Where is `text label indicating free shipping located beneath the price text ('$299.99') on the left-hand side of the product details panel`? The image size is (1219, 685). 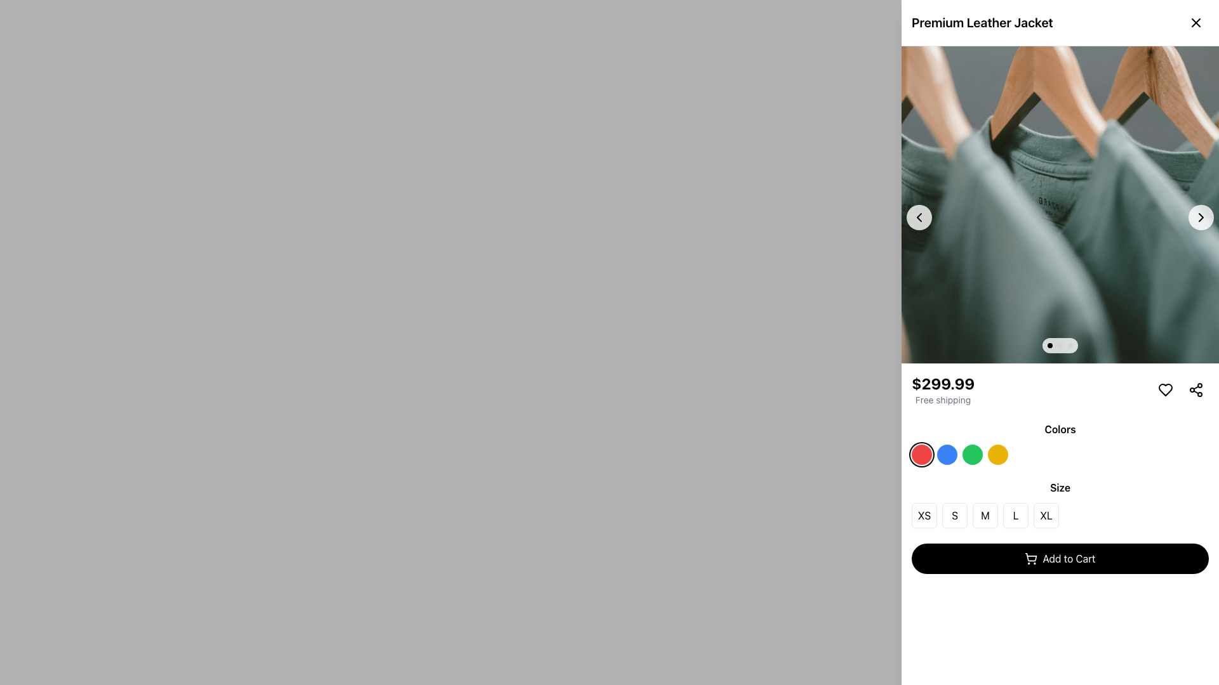
text label indicating free shipping located beneath the price text ('$299.99') on the left-hand side of the product details panel is located at coordinates (943, 400).